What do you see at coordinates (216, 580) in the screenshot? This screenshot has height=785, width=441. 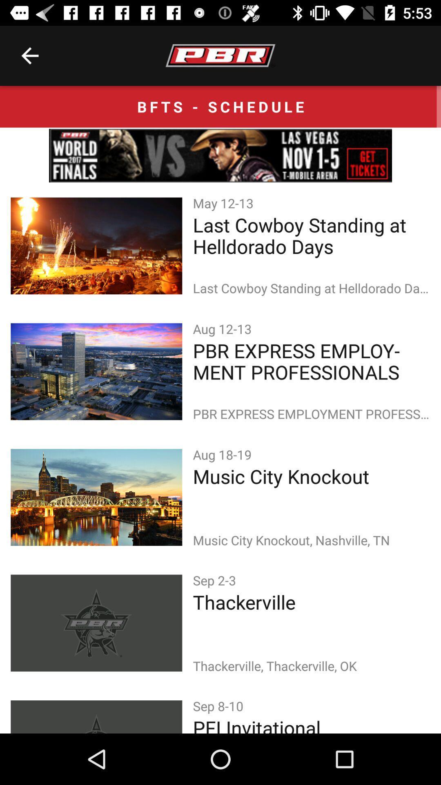 I see `the icon above the thackerville item` at bounding box center [216, 580].